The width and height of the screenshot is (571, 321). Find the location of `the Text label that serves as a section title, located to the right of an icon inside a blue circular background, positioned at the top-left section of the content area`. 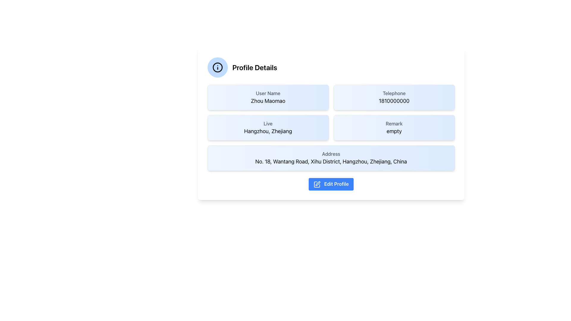

the Text label that serves as a section title, located to the right of an icon inside a blue circular background, positioned at the top-left section of the content area is located at coordinates (255, 67).